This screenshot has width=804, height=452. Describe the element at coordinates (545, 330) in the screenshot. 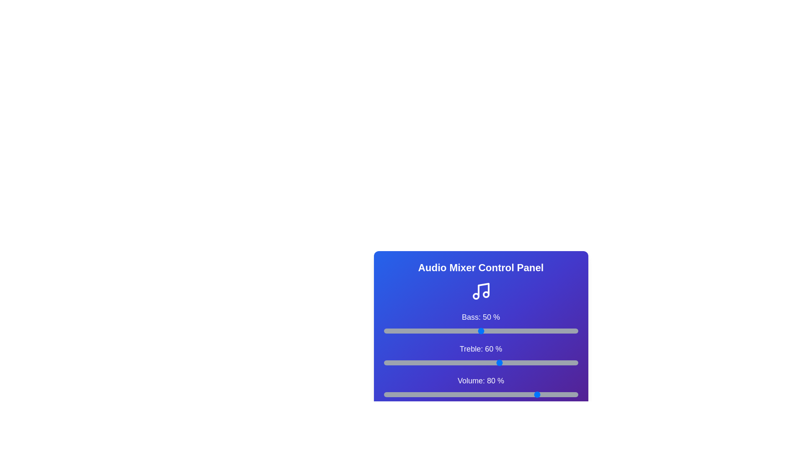

I see `the bass slider to 83%` at that location.